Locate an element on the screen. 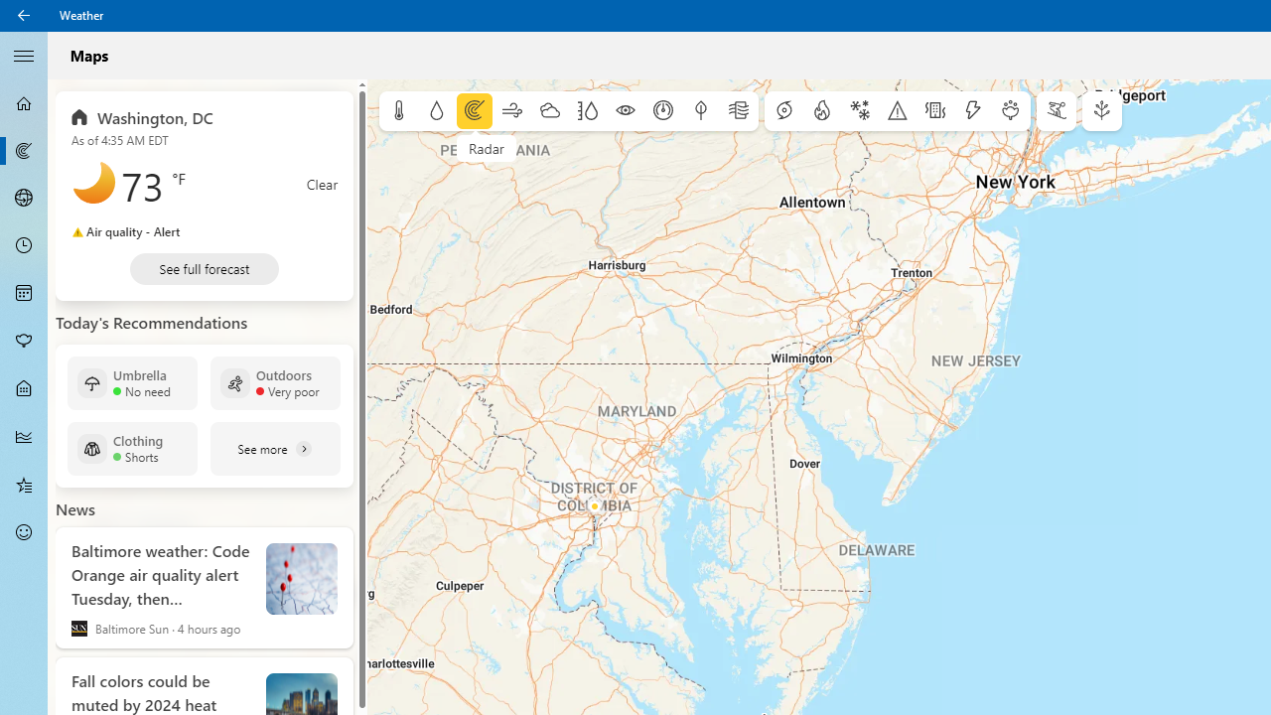  'Collapse Navigation' is located at coordinates (24, 54).